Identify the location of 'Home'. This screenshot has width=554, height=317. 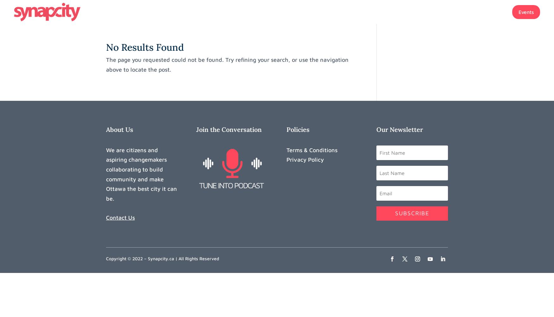
(349, 12).